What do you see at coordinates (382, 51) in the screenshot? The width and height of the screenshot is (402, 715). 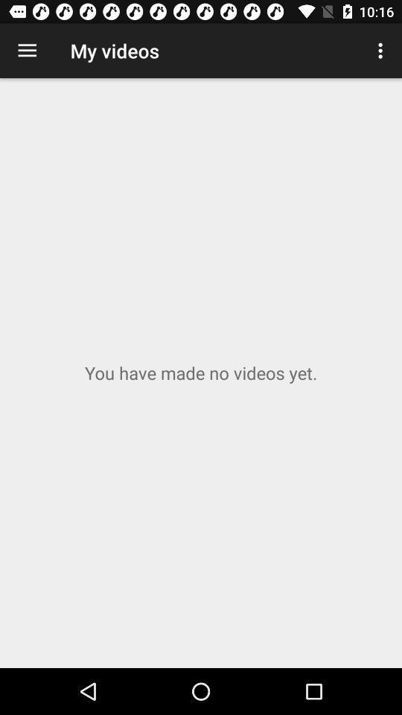 I see `the item above you have made icon` at bounding box center [382, 51].